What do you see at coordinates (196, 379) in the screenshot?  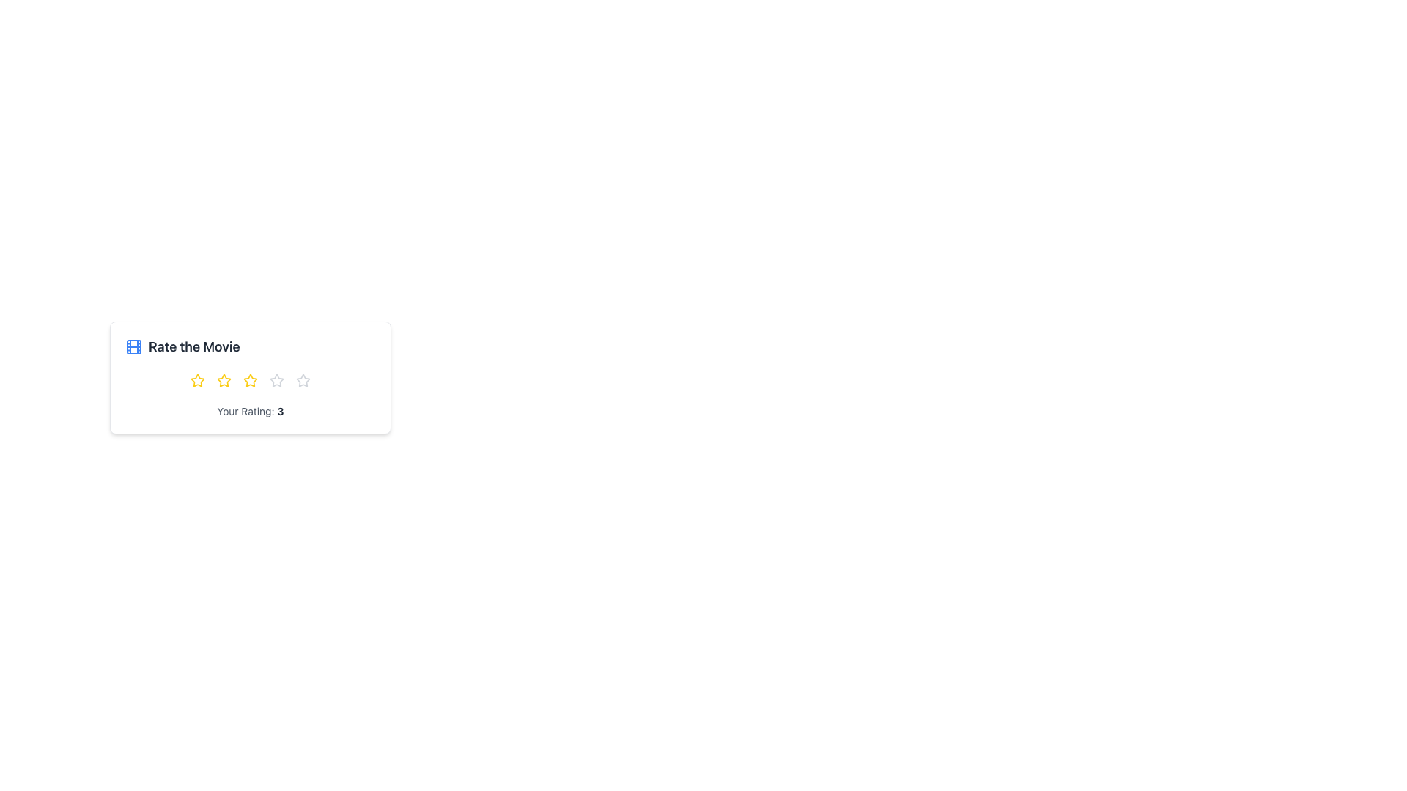 I see `the first rating star in the row of five stars below the 'Rate the Movie' label` at bounding box center [196, 379].